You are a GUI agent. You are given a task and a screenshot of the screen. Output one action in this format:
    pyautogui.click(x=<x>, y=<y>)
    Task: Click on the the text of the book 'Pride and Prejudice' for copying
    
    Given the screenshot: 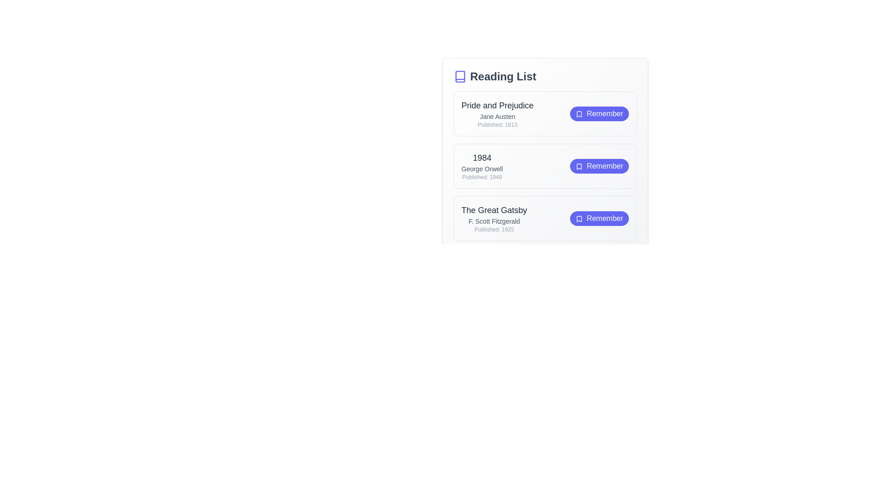 What is the action you would take?
    pyautogui.click(x=461, y=99)
    